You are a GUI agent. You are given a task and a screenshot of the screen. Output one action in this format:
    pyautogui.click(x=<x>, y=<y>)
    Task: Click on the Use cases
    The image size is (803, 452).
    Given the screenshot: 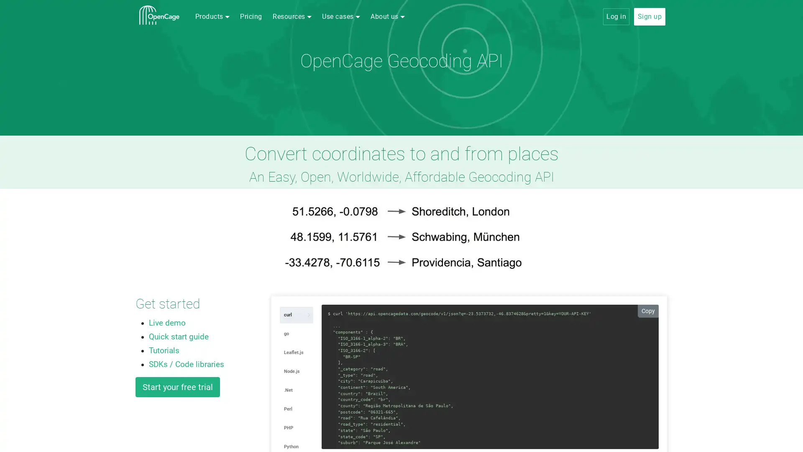 What is the action you would take?
    pyautogui.click(x=341, y=16)
    